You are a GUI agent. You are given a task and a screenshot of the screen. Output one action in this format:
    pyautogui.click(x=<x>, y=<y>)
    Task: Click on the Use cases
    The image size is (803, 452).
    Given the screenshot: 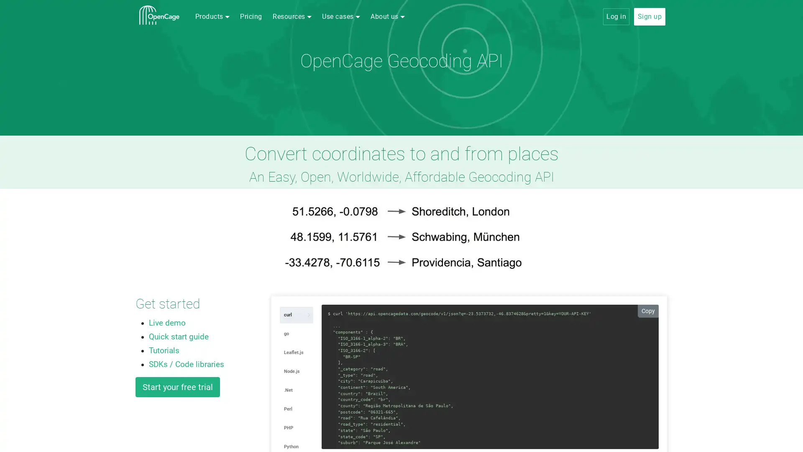 What is the action you would take?
    pyautogui.click(x=341, y=16)
    